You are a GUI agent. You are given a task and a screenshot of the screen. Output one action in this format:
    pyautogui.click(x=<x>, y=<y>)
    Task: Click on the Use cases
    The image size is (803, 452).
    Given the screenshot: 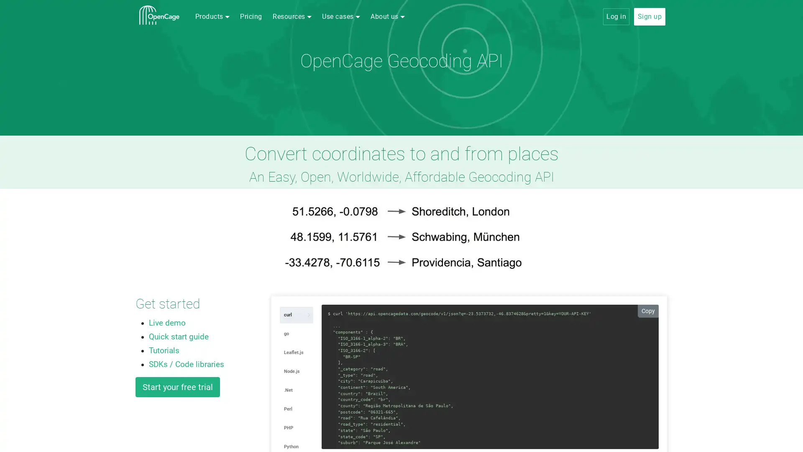 What is the action you would take?
    pyautogui.click(x=341, y=16)
    